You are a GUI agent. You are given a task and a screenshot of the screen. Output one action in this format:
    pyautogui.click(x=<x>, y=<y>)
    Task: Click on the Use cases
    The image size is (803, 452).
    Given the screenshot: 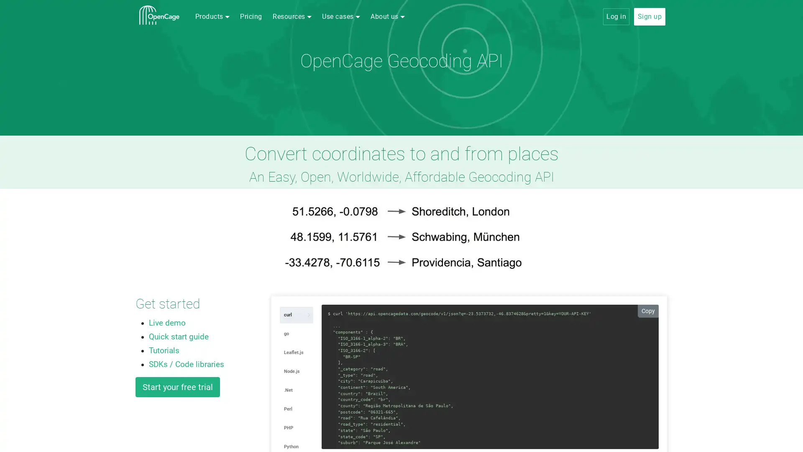 What is the action you would take?
    pyautogui.click(x=341, y=16)
    